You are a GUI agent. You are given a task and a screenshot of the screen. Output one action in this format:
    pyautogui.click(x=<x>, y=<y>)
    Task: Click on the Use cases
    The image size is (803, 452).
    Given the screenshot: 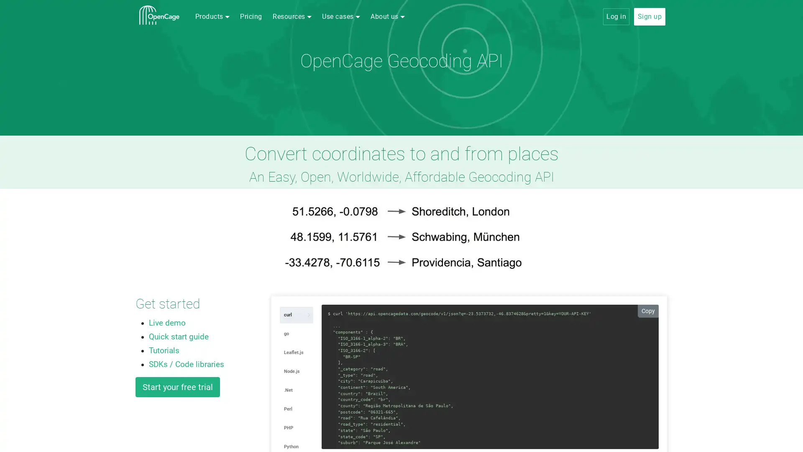 What is the action you would take?
    pyautogui.click(x=341, y=16)
    